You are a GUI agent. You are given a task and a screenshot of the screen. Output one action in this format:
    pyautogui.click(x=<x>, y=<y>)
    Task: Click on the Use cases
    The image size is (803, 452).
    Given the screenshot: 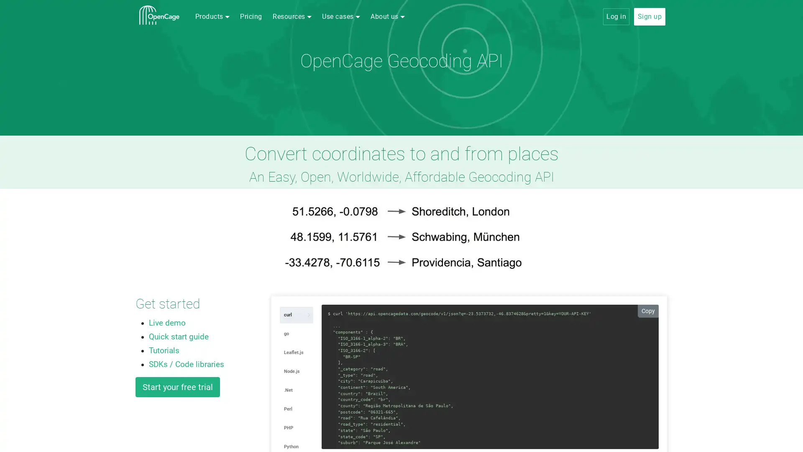 What is the action you would take?
    pyautogui.click(x=341, y=16)
    